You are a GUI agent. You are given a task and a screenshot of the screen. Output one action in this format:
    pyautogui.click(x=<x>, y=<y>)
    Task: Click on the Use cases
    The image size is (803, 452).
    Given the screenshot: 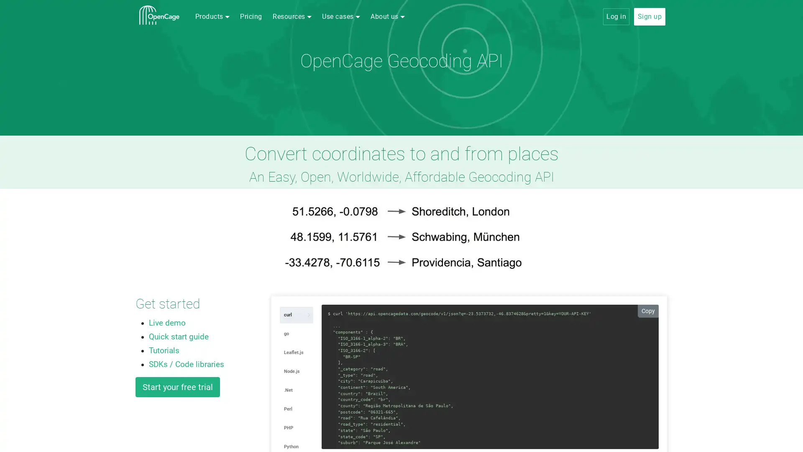 What is the action you would take?
    pyautogui.click(x=341, y=16)
    